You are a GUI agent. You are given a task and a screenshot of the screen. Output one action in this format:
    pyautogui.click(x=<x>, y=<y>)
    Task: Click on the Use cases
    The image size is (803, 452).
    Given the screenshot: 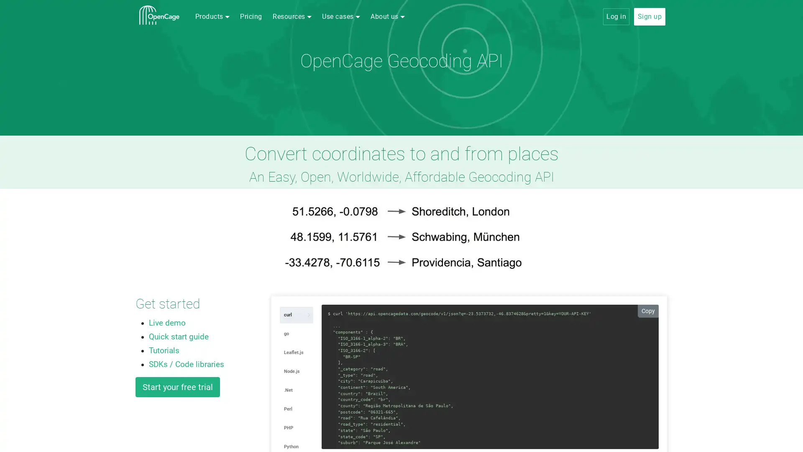 What is the action you would take?
    pyautogui.click(x=341, y=16)
    